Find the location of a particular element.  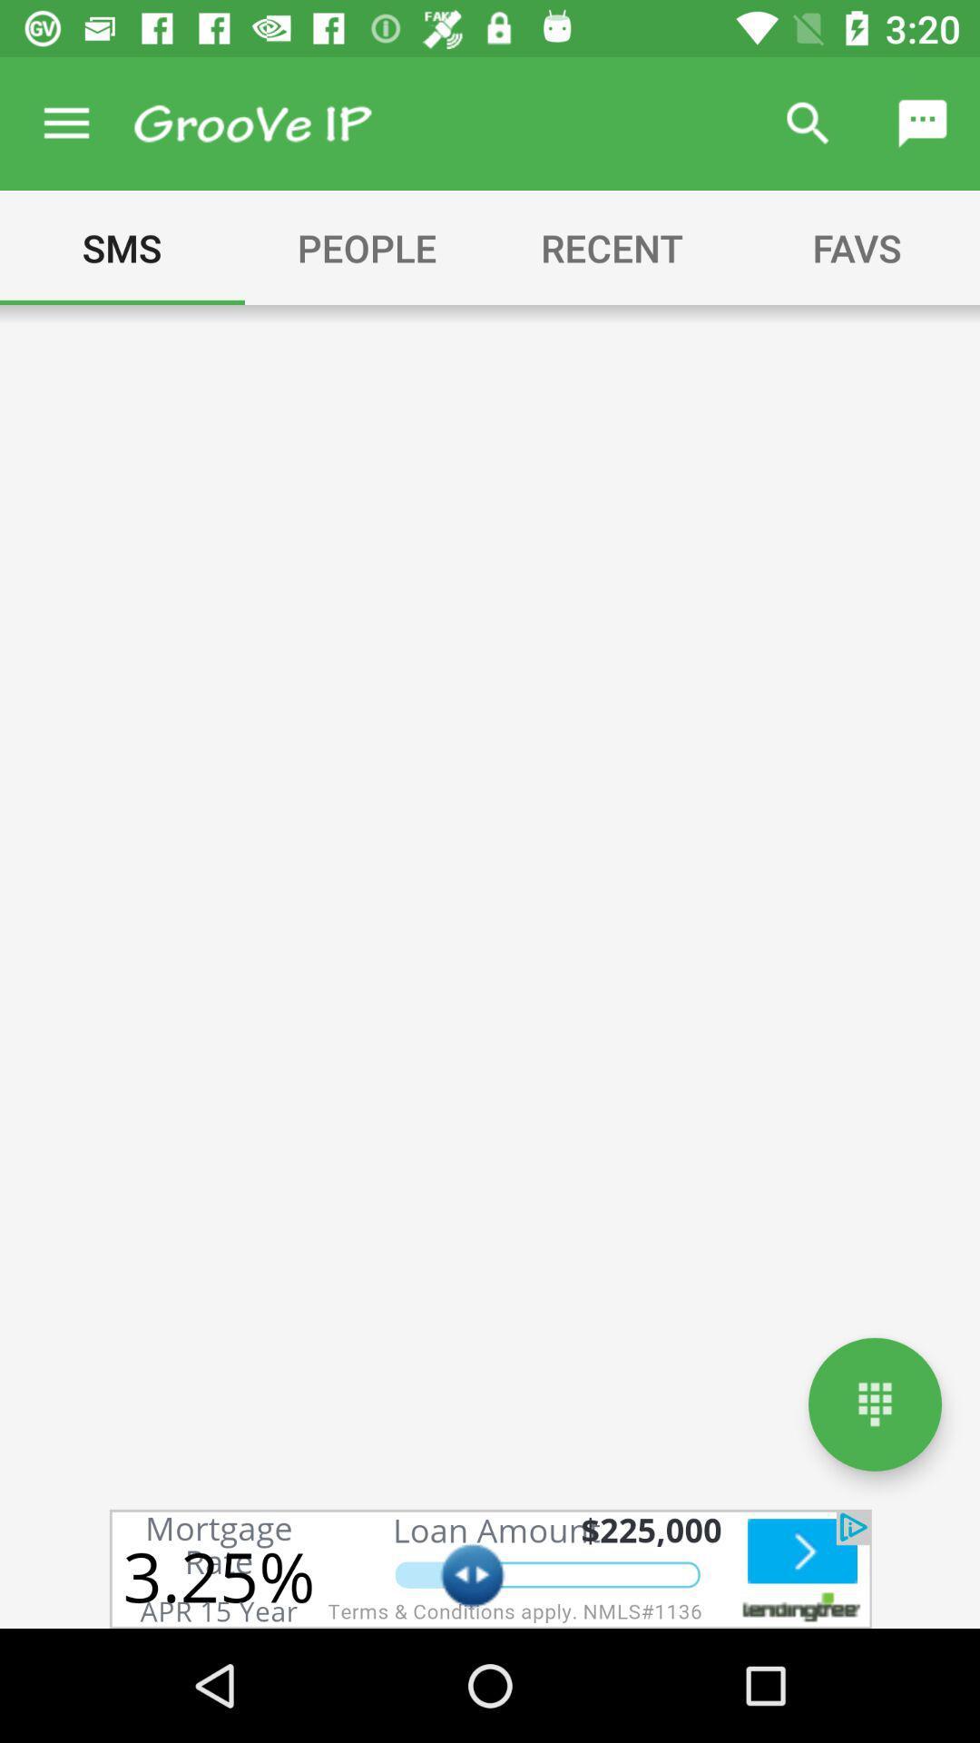

homepage is located at coordinates (874, 1403).